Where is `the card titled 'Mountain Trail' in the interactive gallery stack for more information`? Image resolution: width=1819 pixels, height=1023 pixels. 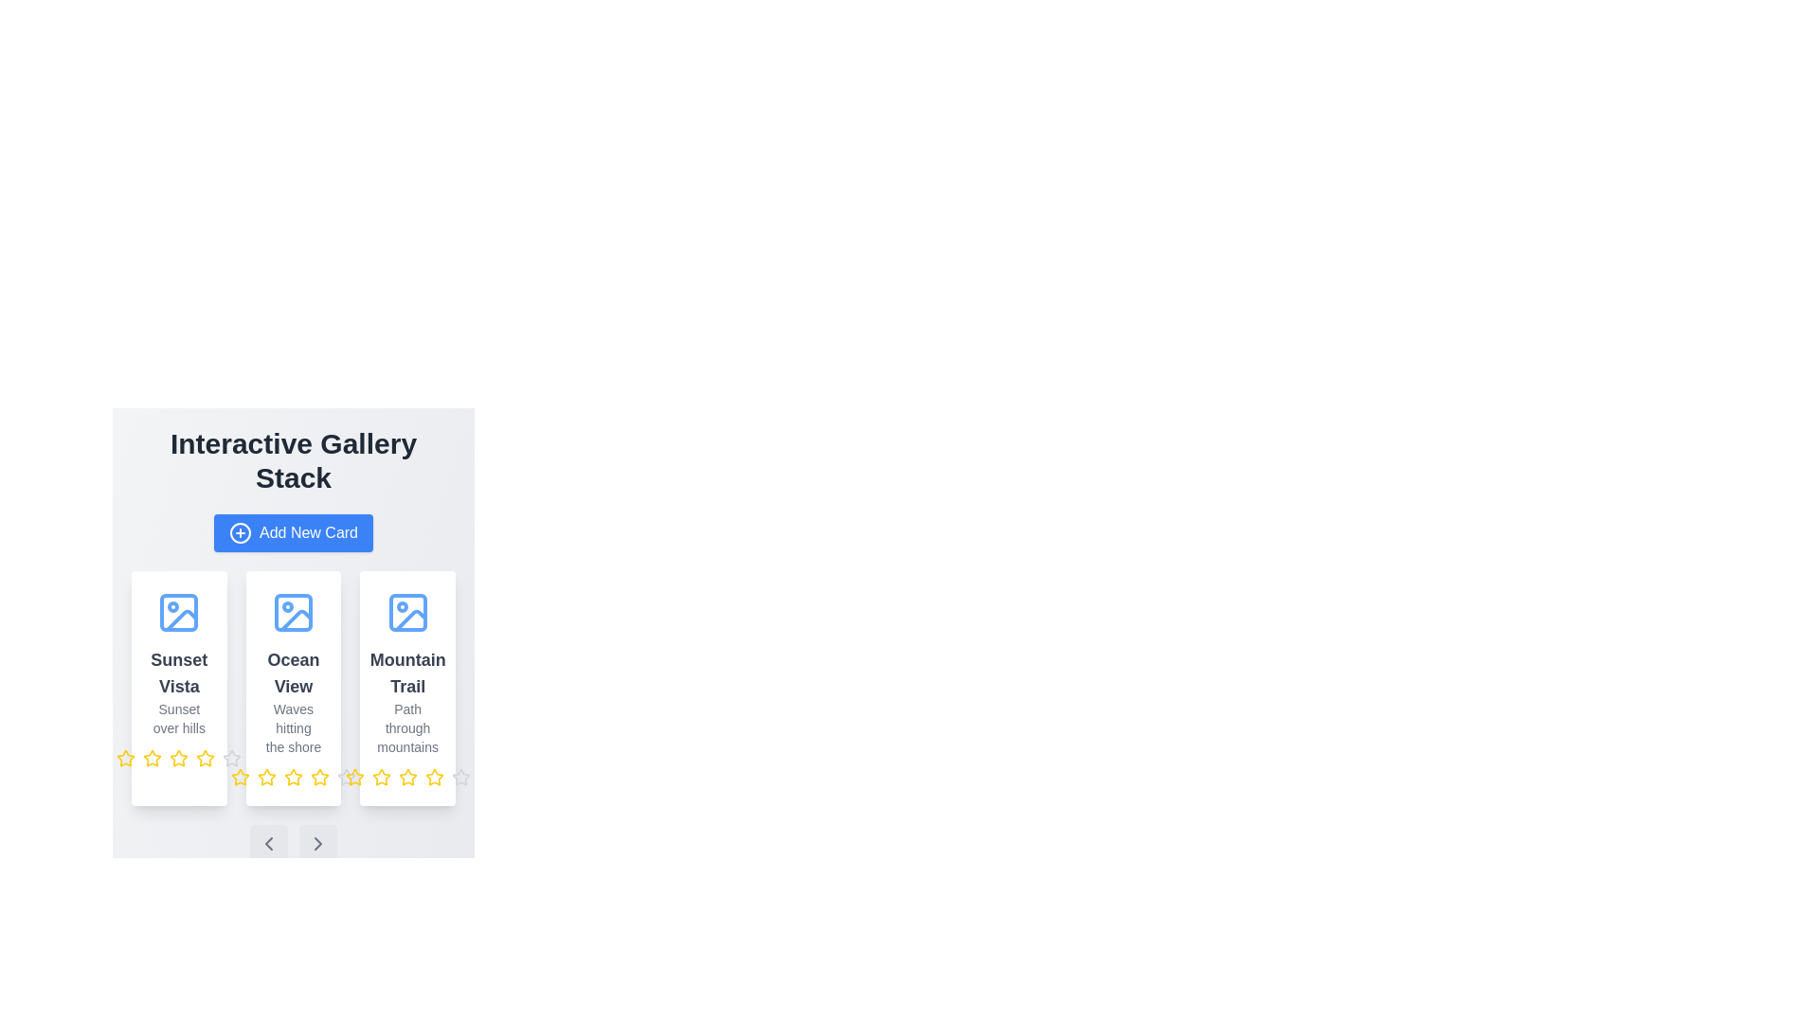
the card titled 'Mountain Trail' in the interactive gallery stack for more information is located at coordinates (406, 688).